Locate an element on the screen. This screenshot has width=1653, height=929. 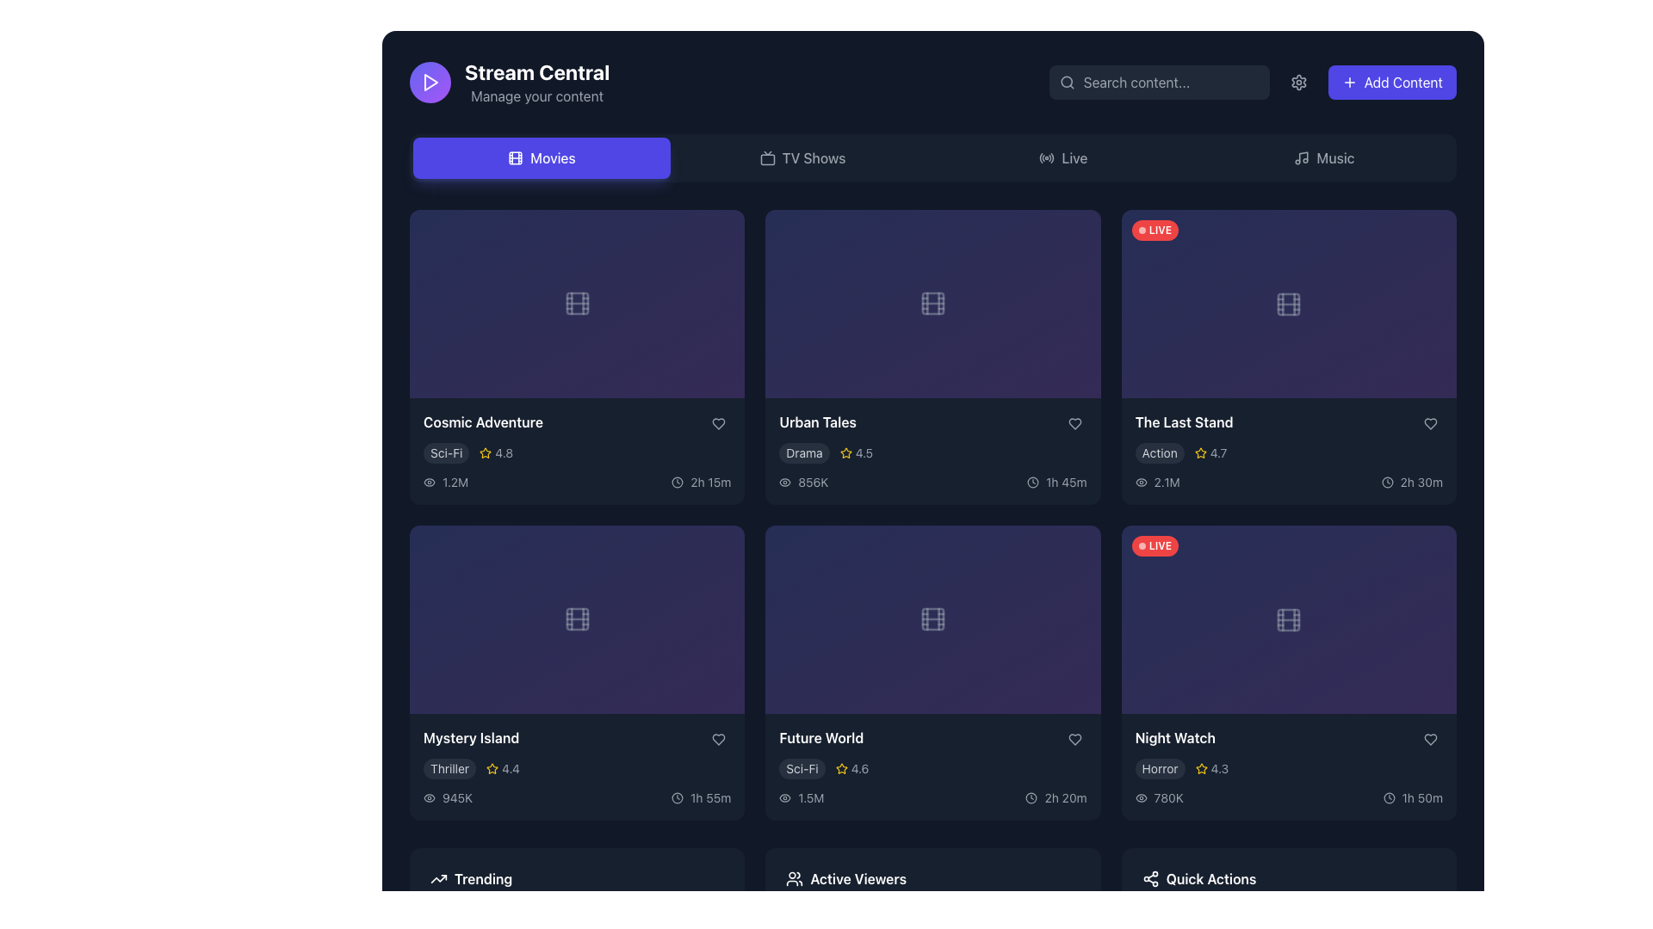
the time icon positioned immediately to the left of the '1h 50m' text in the same row is located at coordinates (1389, 798).